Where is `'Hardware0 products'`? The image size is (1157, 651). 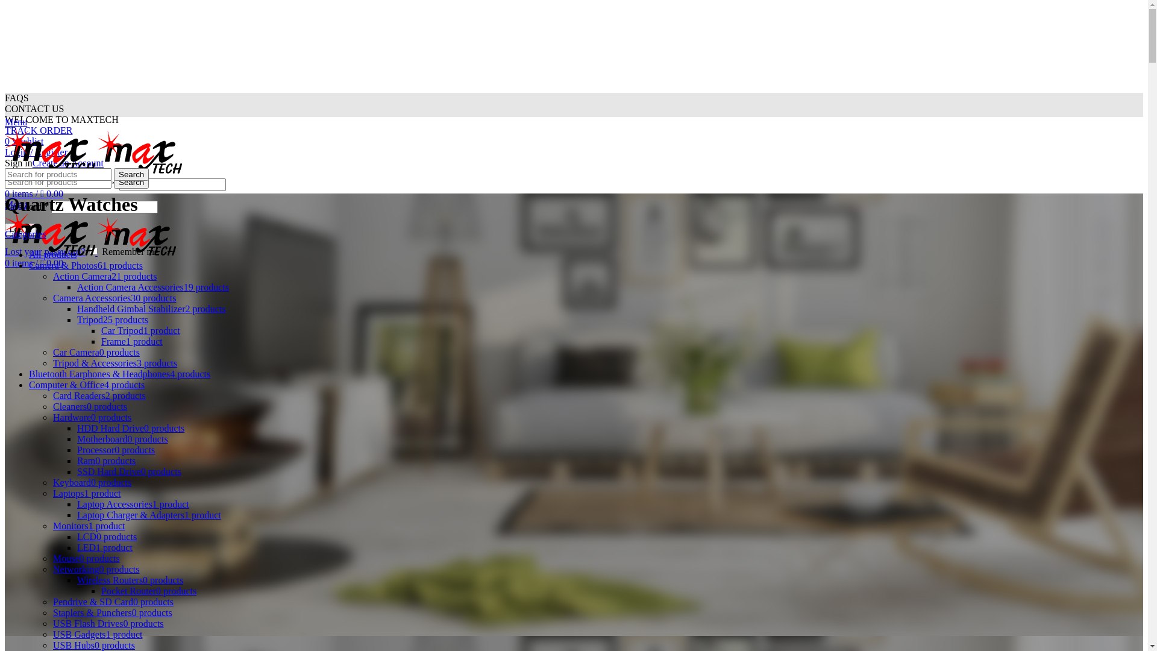 'Hardware0 products' is located at coordinates (92, 417).